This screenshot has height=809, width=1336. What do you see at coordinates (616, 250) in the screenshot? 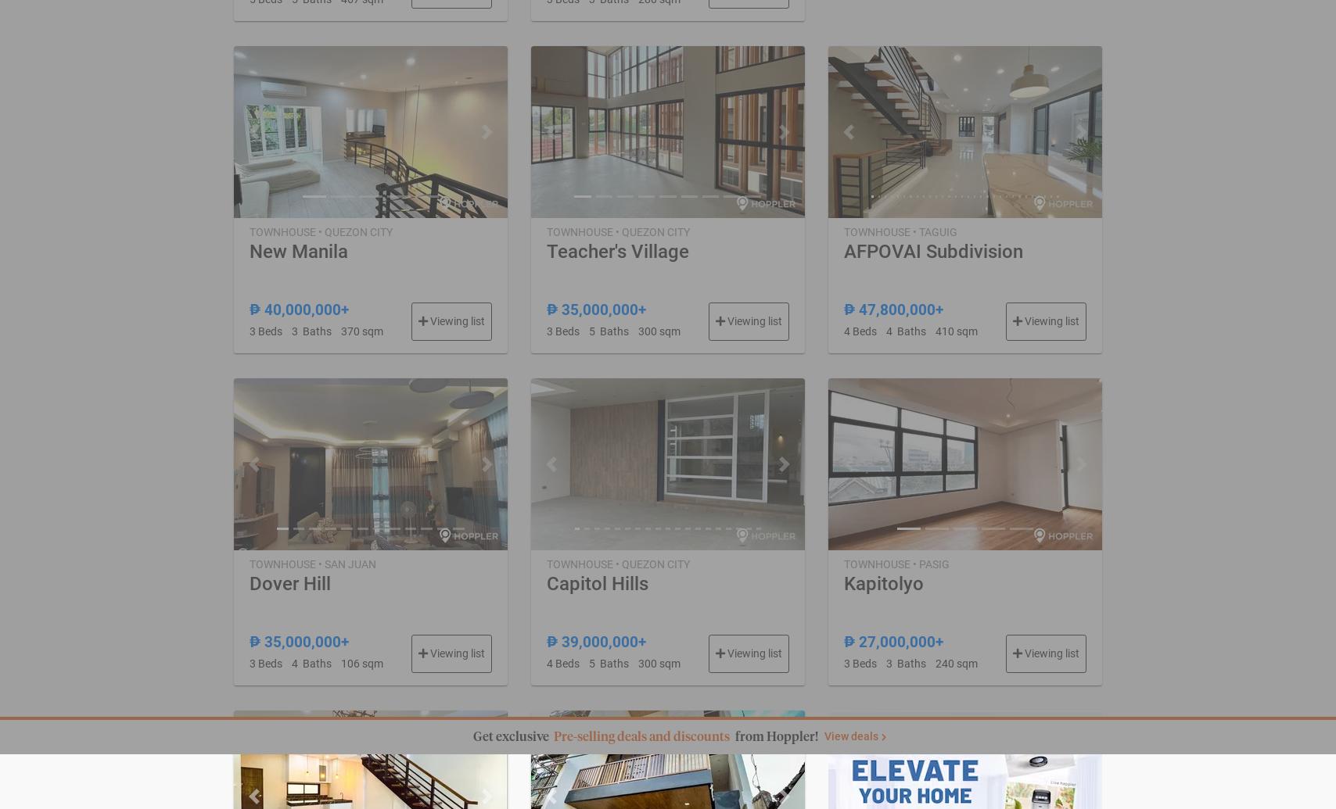
I see `'Teacher's Village'` at bounding box center [616, 250].